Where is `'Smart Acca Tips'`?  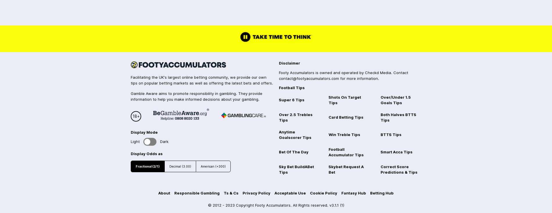
'Smart Acca Tips' is located at coordinates (396, 152).